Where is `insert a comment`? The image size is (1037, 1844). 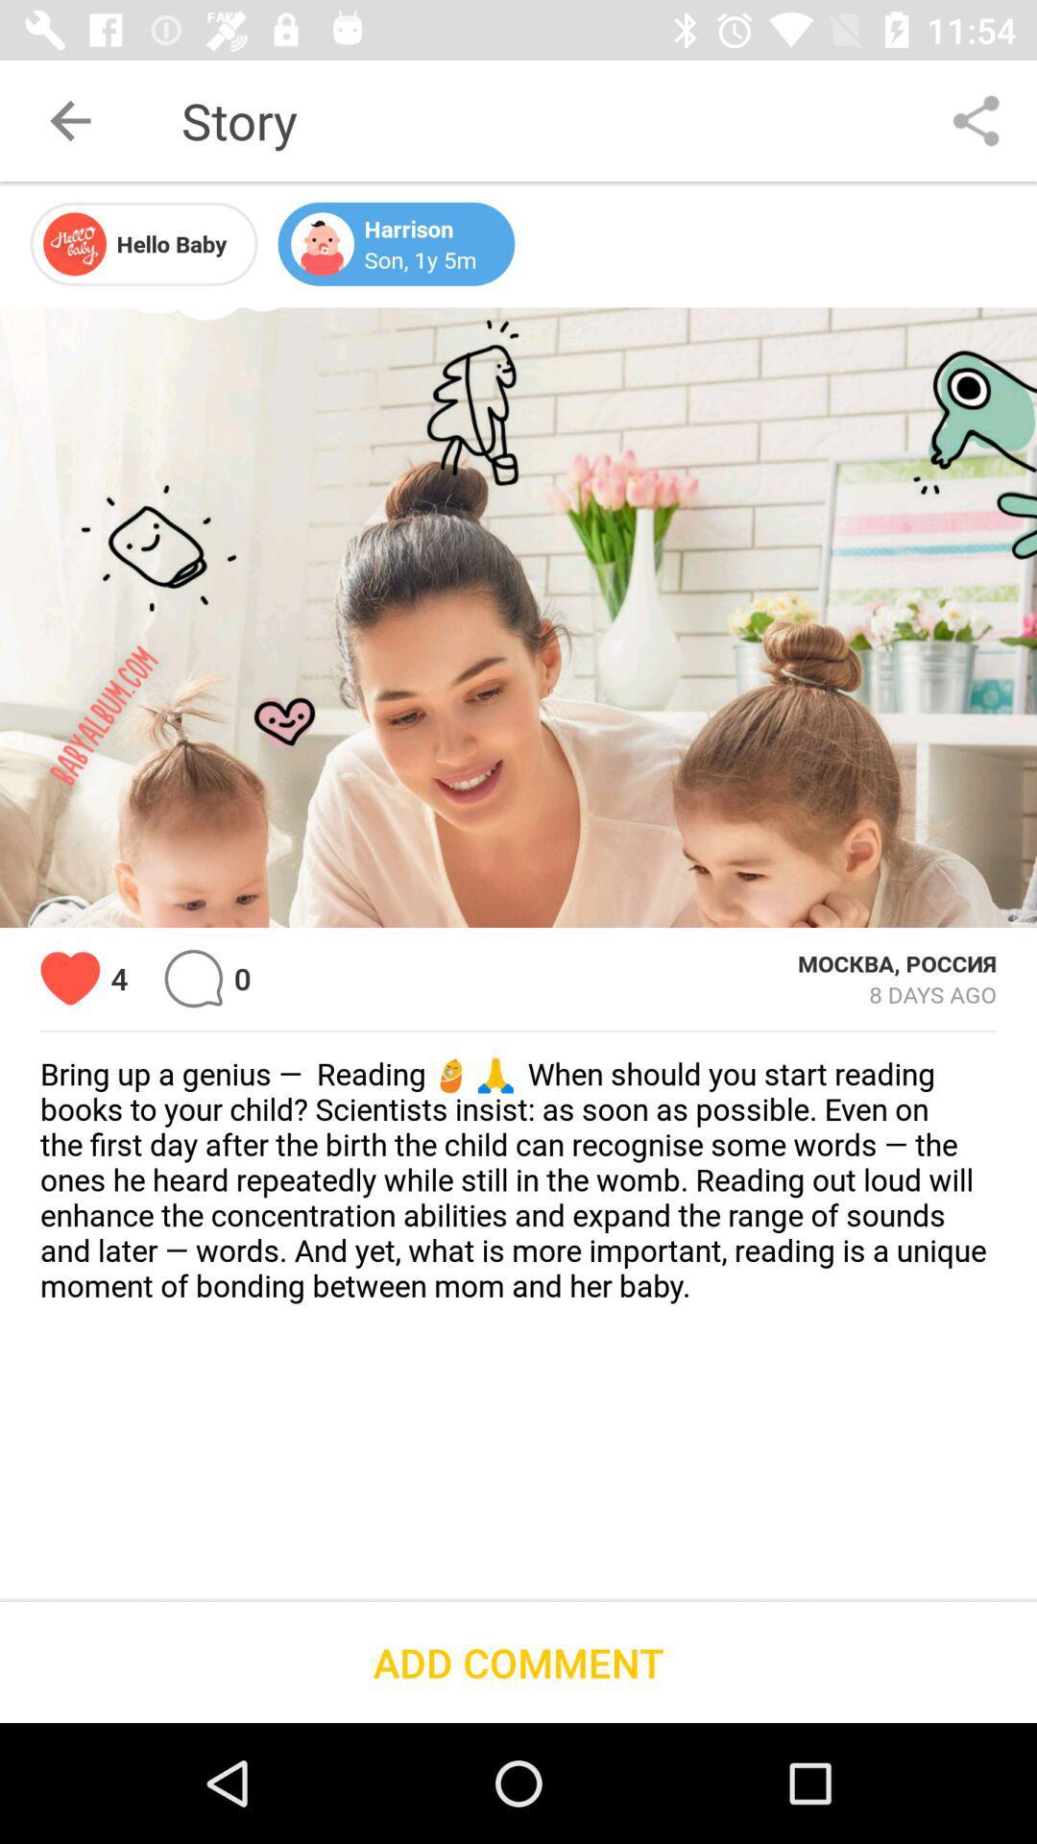
insert a comment is located at coordinates (193, 979).